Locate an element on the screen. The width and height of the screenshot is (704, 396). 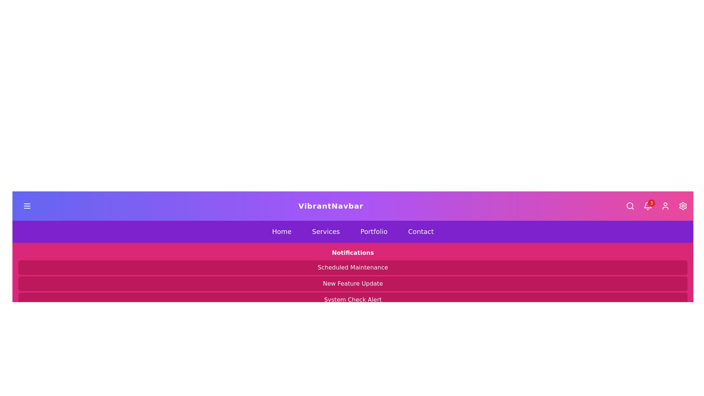
the settings button located at the far right of the top navigation bar is located at coordinates (682, 206).